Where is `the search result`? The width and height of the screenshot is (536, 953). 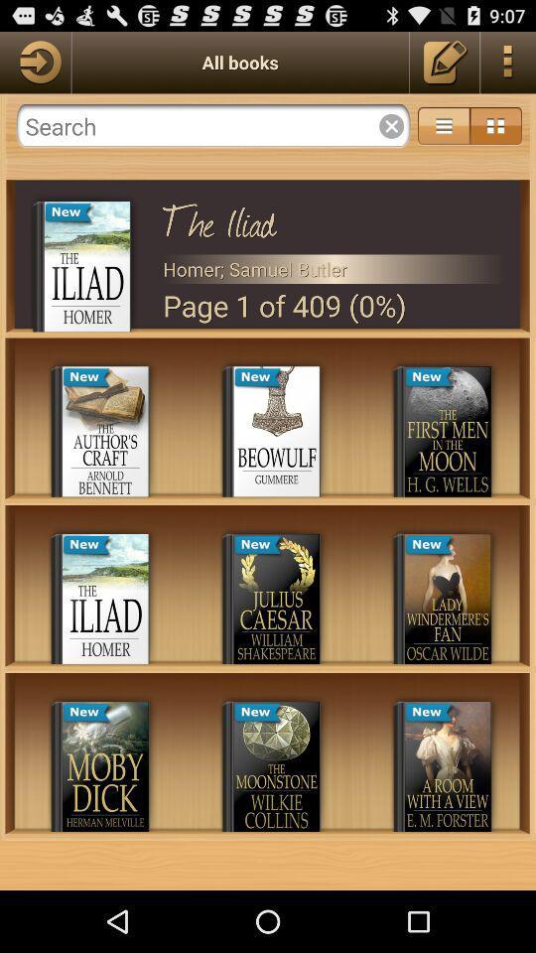
the search result is located at coordinates (391, 125).